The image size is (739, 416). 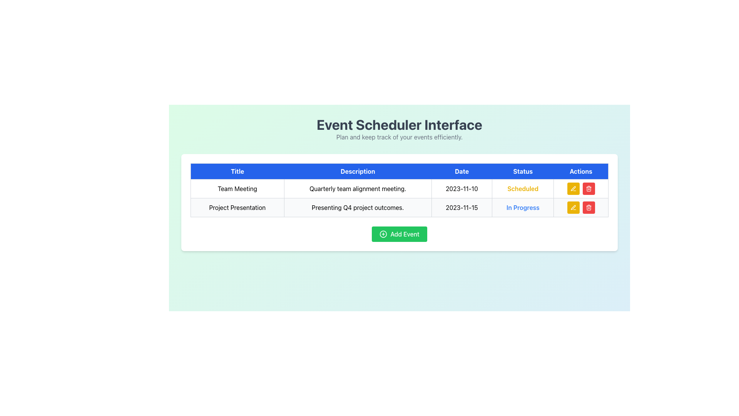 I want to click on the 'Status' label, which is a small rectangular label with a blue background and white centered text, located in the header row of a data table between the 'Date' and 'Actions' labels, so click(x=523, y=171).